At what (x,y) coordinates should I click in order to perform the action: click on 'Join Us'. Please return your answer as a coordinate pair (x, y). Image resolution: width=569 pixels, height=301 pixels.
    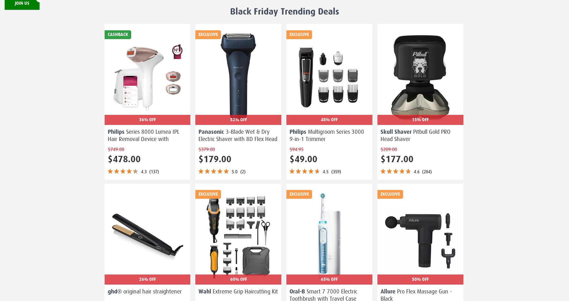
    Looking at the image, I should click on (22, 3).